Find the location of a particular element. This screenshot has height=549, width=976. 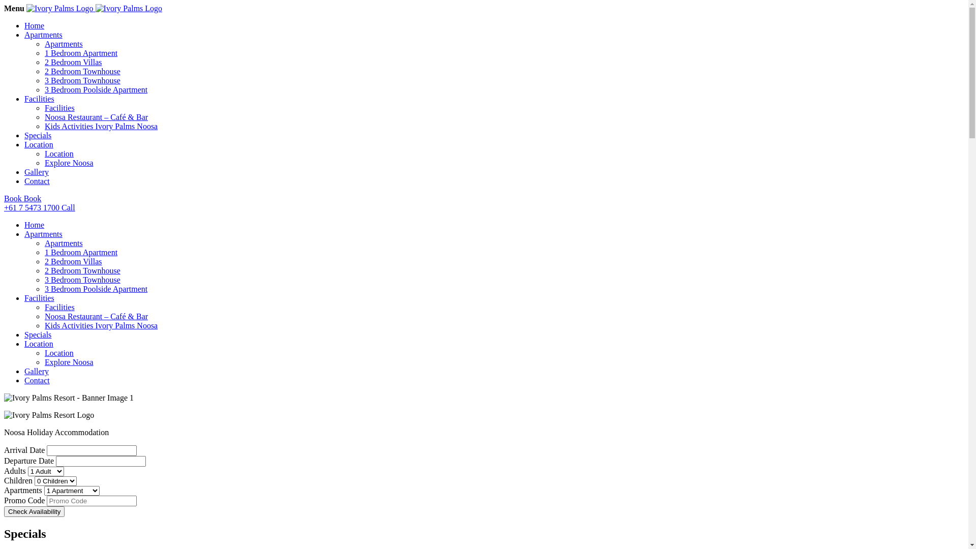

'3 Bedroom Poolside Apartment' is located at coordinates (96, 89).